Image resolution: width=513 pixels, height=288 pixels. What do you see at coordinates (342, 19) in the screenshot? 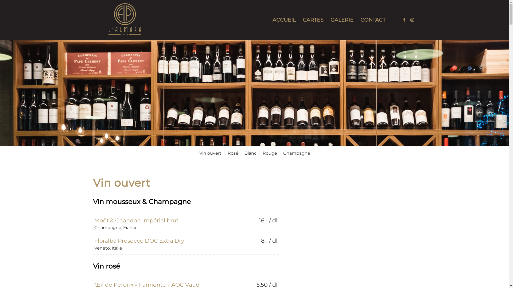
I see `'GALERIE'` at bounding box center [342, 19].